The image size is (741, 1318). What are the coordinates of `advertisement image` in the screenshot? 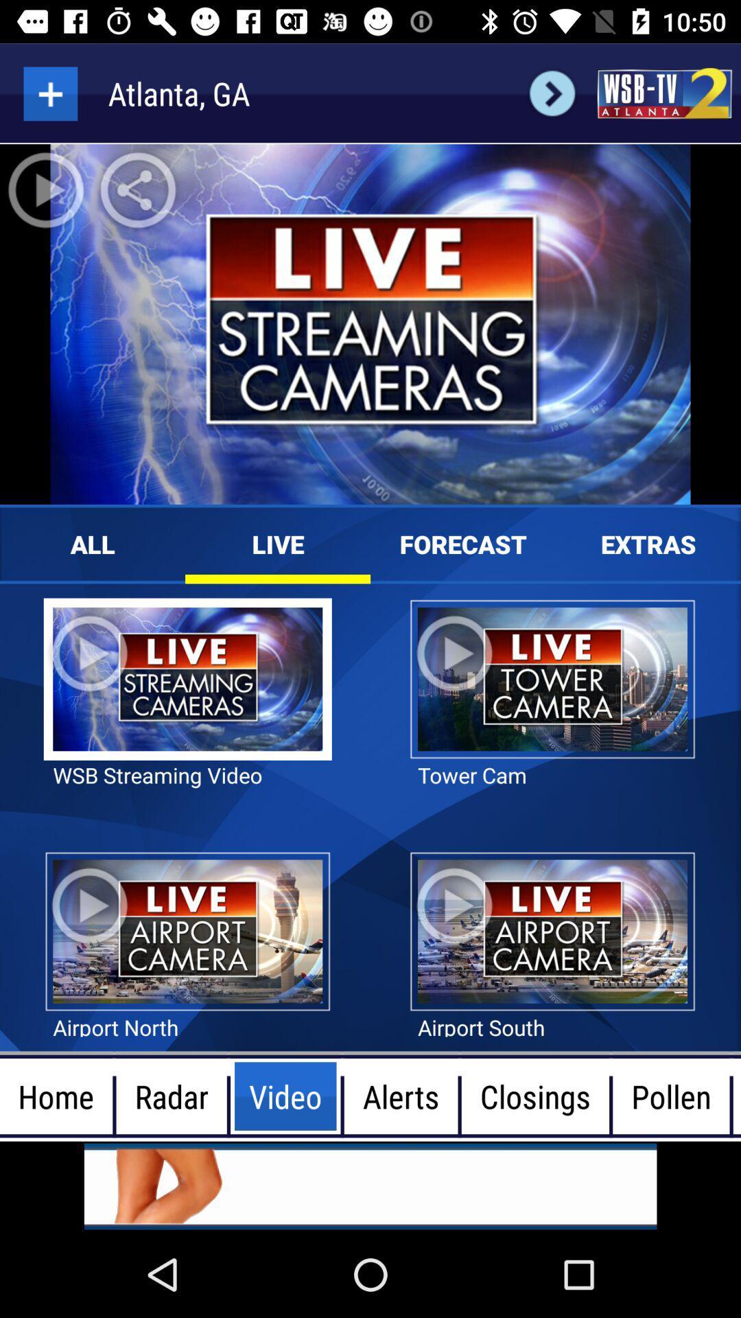 It's located at (370, 1186).